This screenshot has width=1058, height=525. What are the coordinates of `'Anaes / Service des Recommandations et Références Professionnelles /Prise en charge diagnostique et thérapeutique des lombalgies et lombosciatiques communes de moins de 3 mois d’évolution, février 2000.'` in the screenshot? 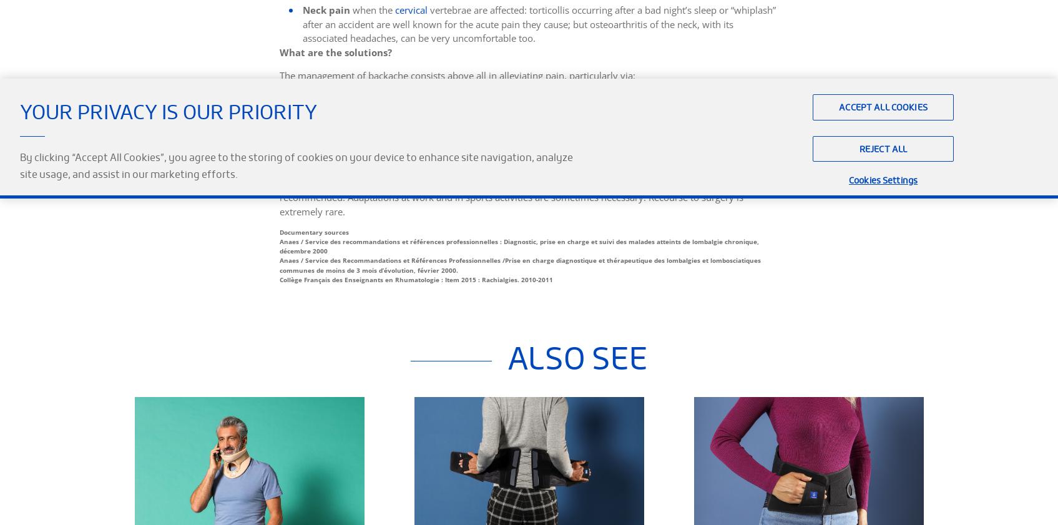 It's located at (278, 265).